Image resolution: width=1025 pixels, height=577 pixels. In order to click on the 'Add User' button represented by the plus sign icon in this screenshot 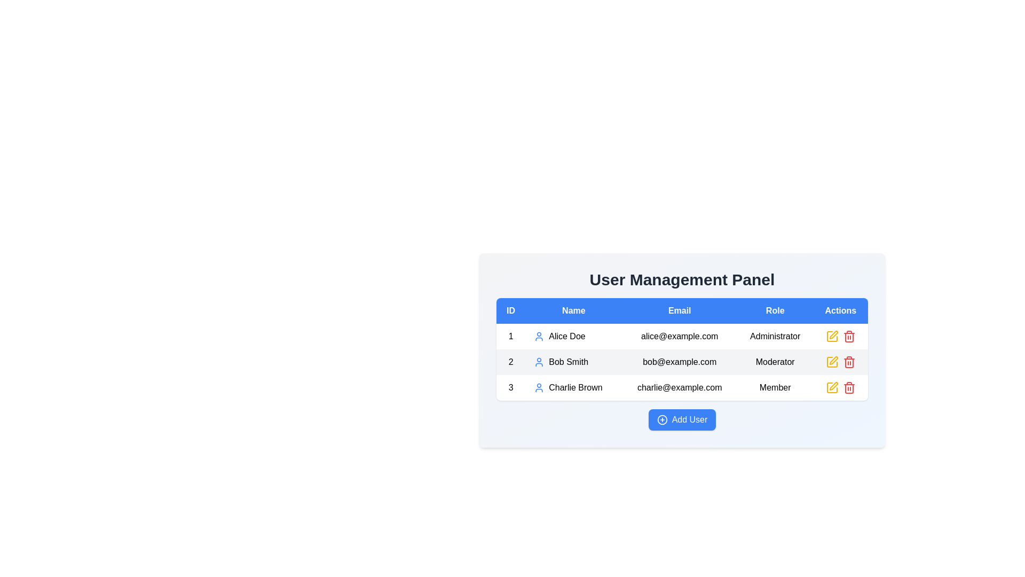, I will do `click(661, 419)`.